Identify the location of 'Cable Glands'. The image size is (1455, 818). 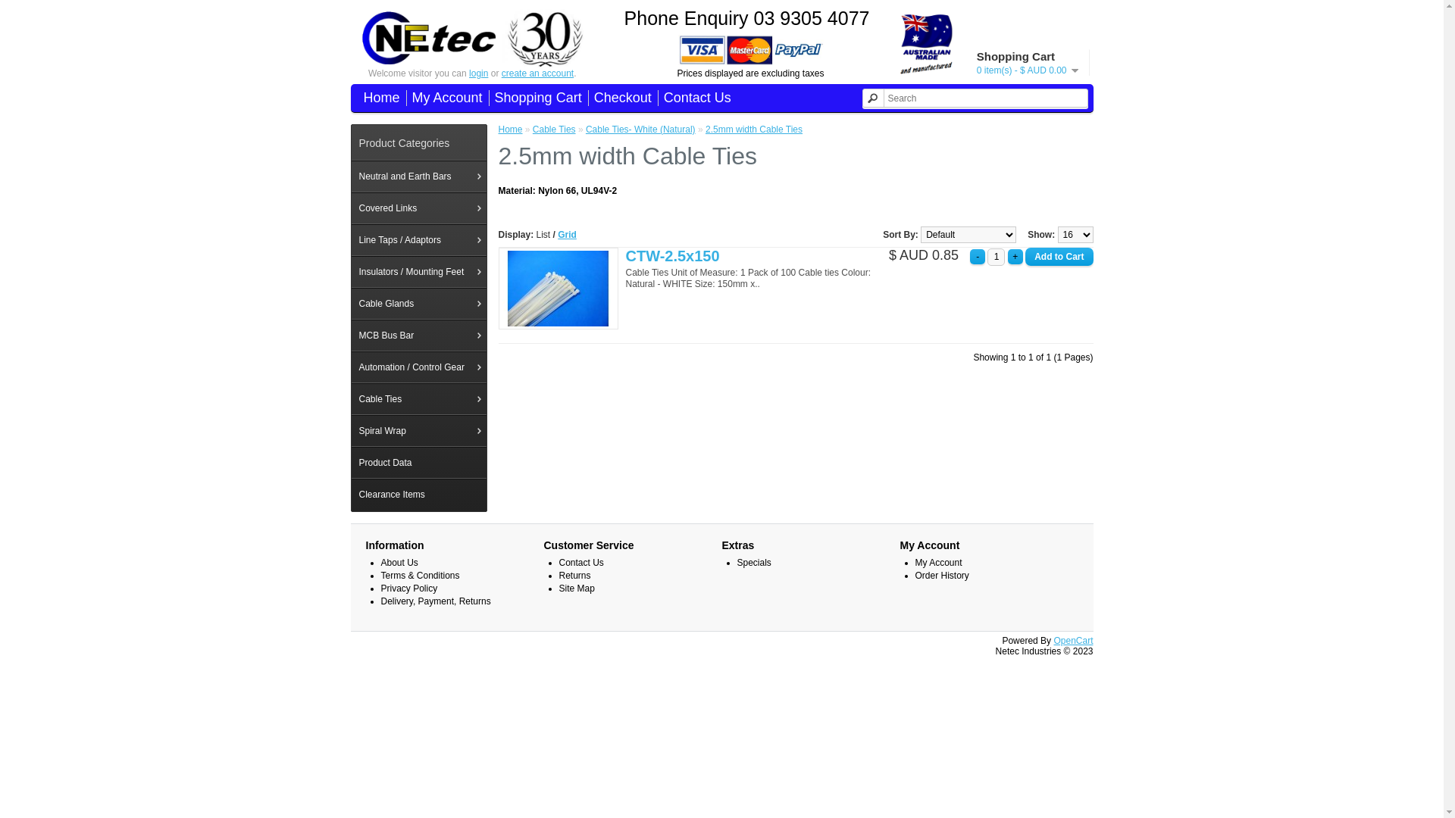
(418, 304).